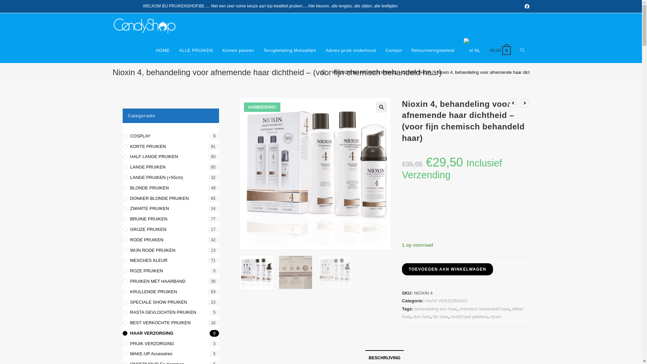 This screenshot has height=364, width=647. What do you see at coordinates (171, 240) in the screenshot?
I see `'RODE PRUIKEN'` at bounding box center [171, 240].